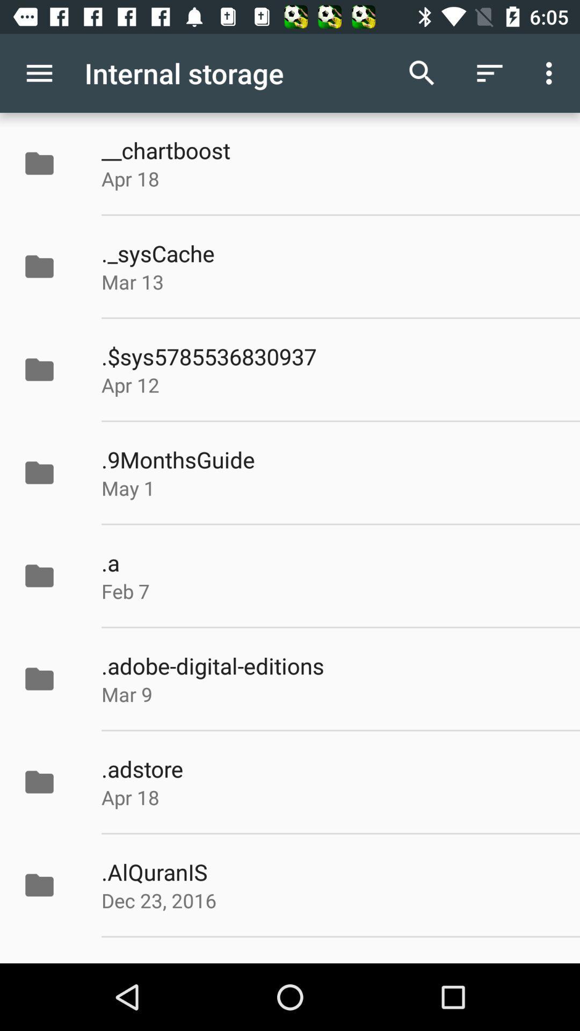 This screenshot has height=1031, width=580. Describe the element at coordinates (50, 575) in the screenshot. I see `the symbol which is to the immediate left of feb 7` at that location.